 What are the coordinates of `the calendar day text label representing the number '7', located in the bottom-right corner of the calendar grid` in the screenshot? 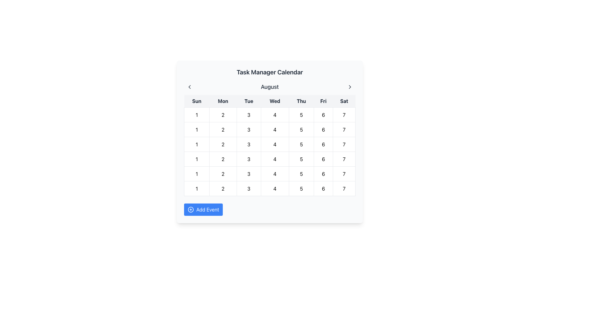 It's located at (344, 144).